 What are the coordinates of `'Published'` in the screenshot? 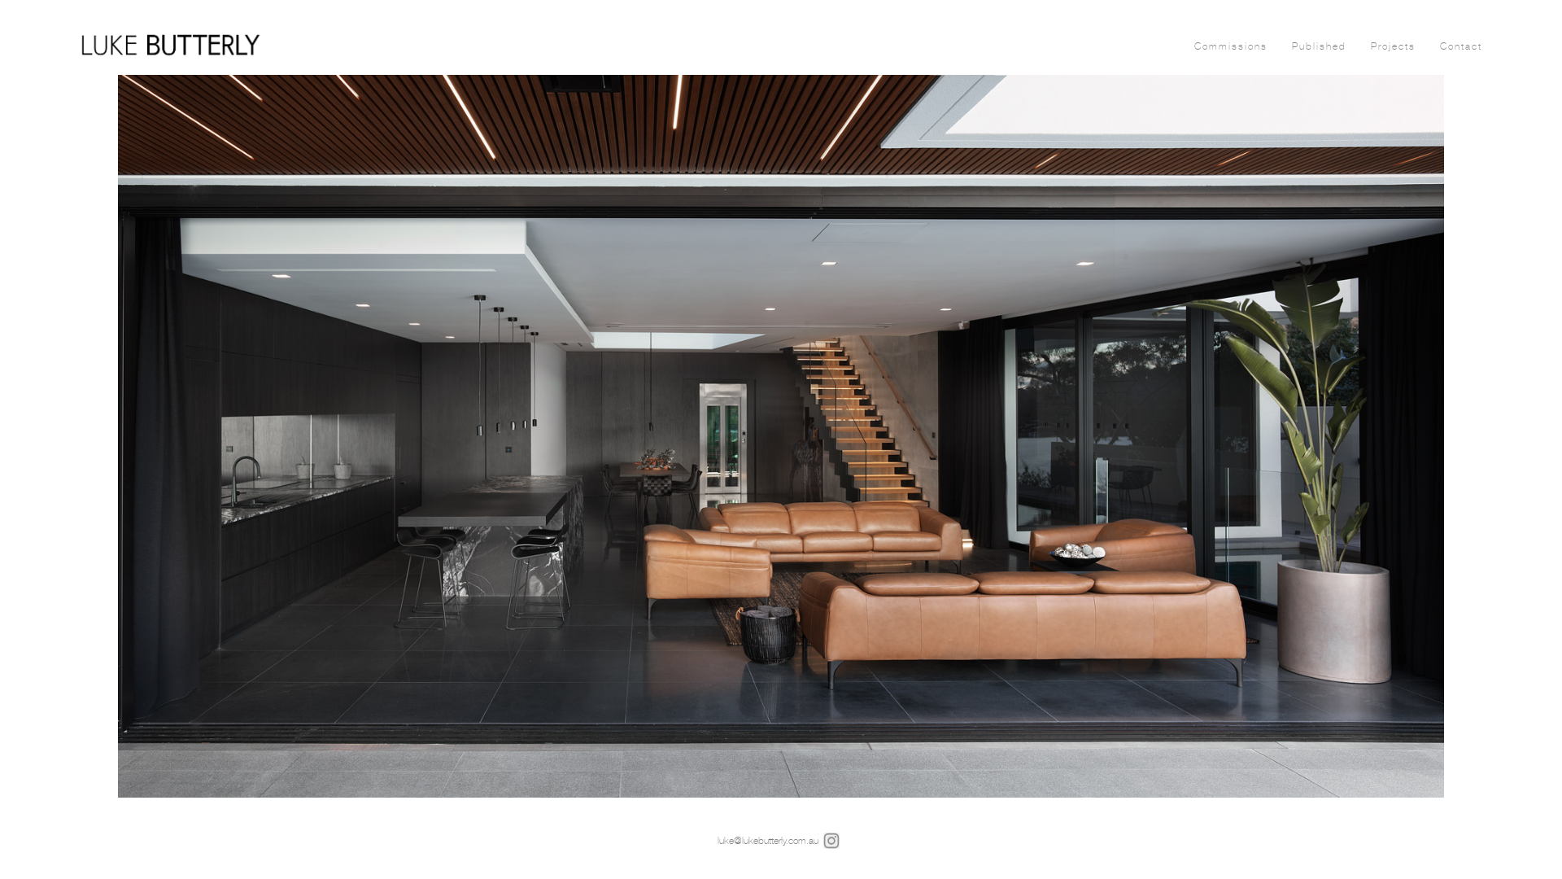 It's located at (1319, 46).